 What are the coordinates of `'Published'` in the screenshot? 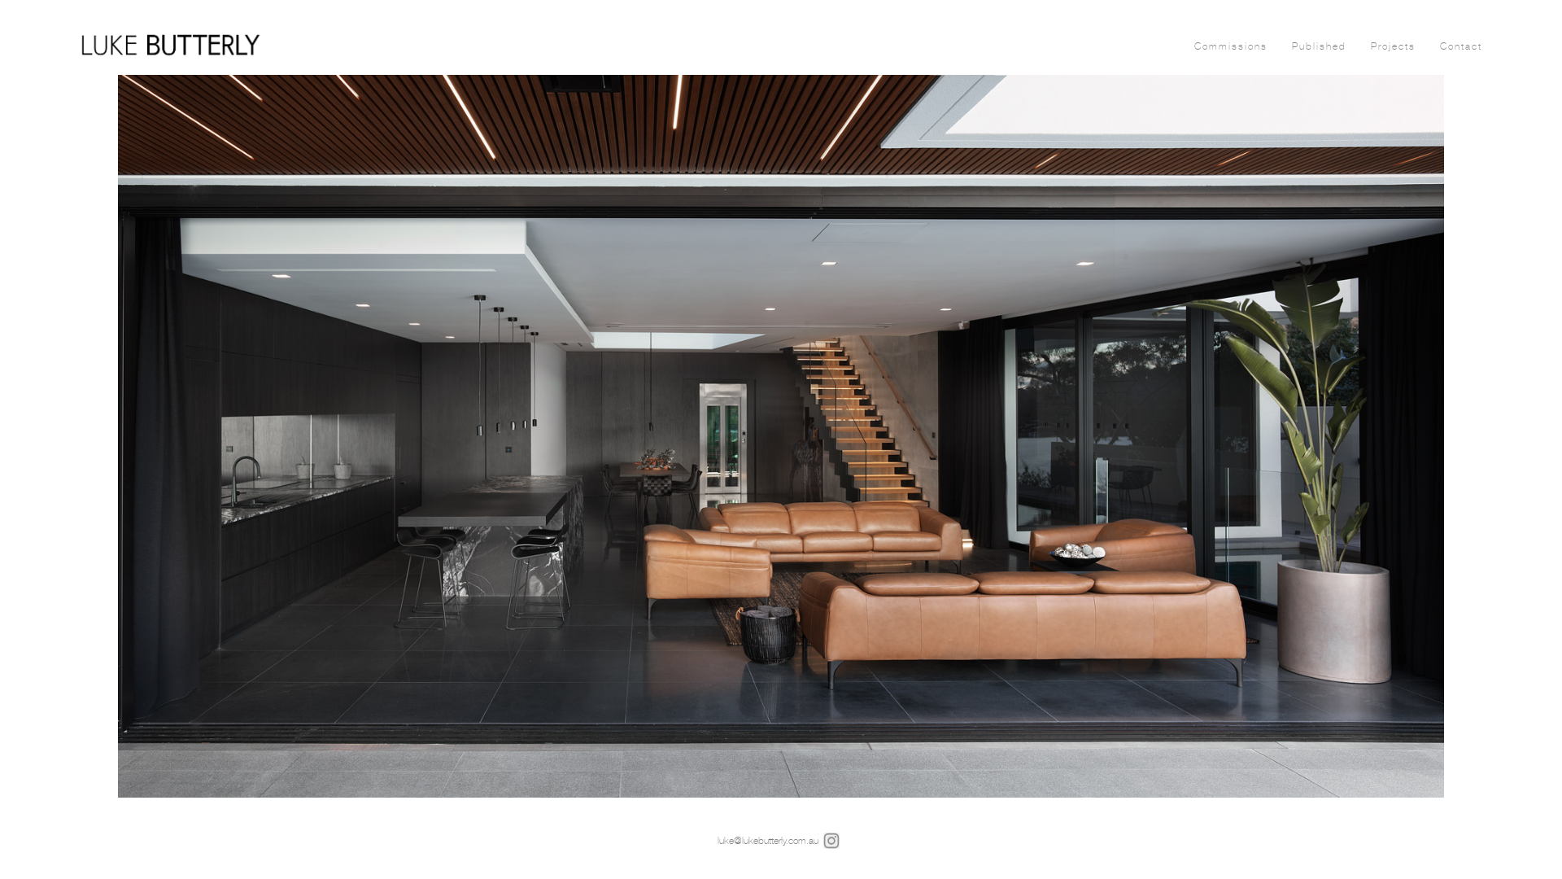 It's located at (1319, 46).